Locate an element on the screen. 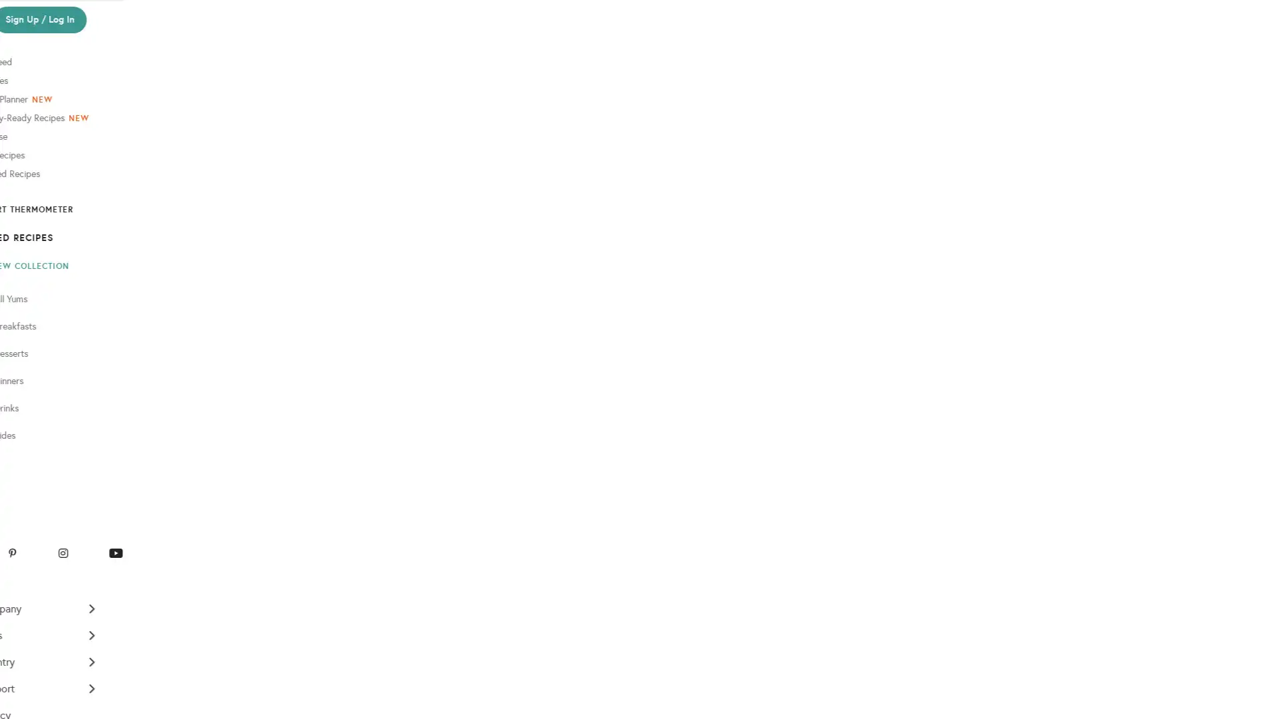  Do Not Sell My Personal Information is located at coordinates (71, 420).